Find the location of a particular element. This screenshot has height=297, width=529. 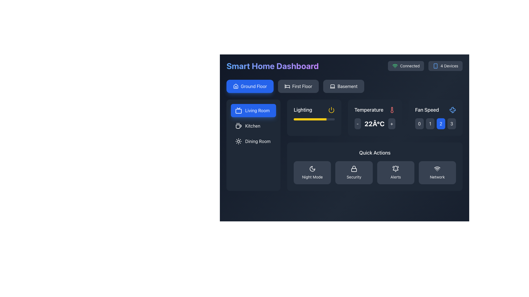

the 'Alerts' SVG Icon located in the 'Quick Actions' section, indicating notifications or alerts is located at coordinates (395, 168).